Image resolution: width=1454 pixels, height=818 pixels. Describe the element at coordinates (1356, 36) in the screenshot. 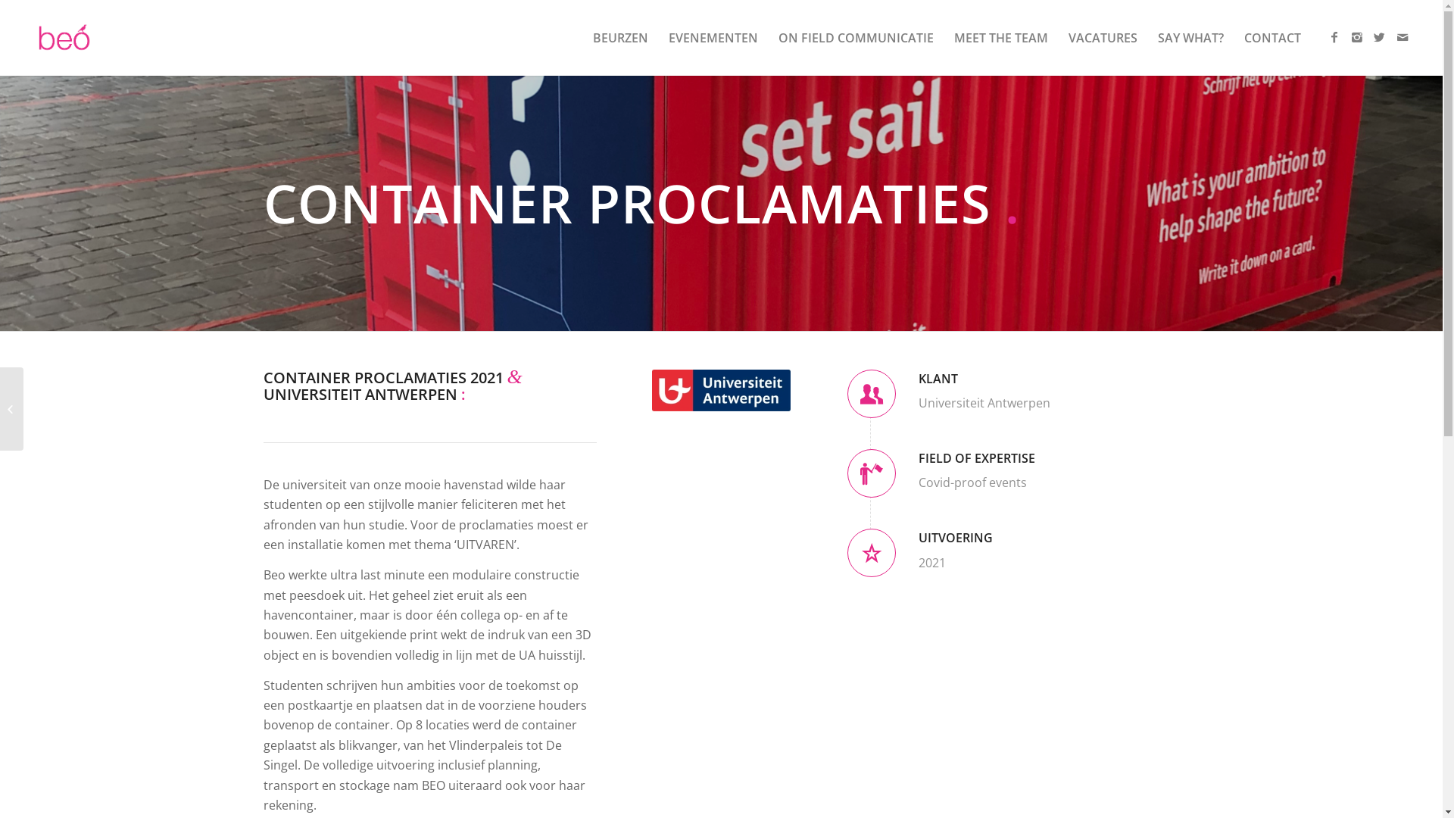

I see `'Instagram'` at that location.